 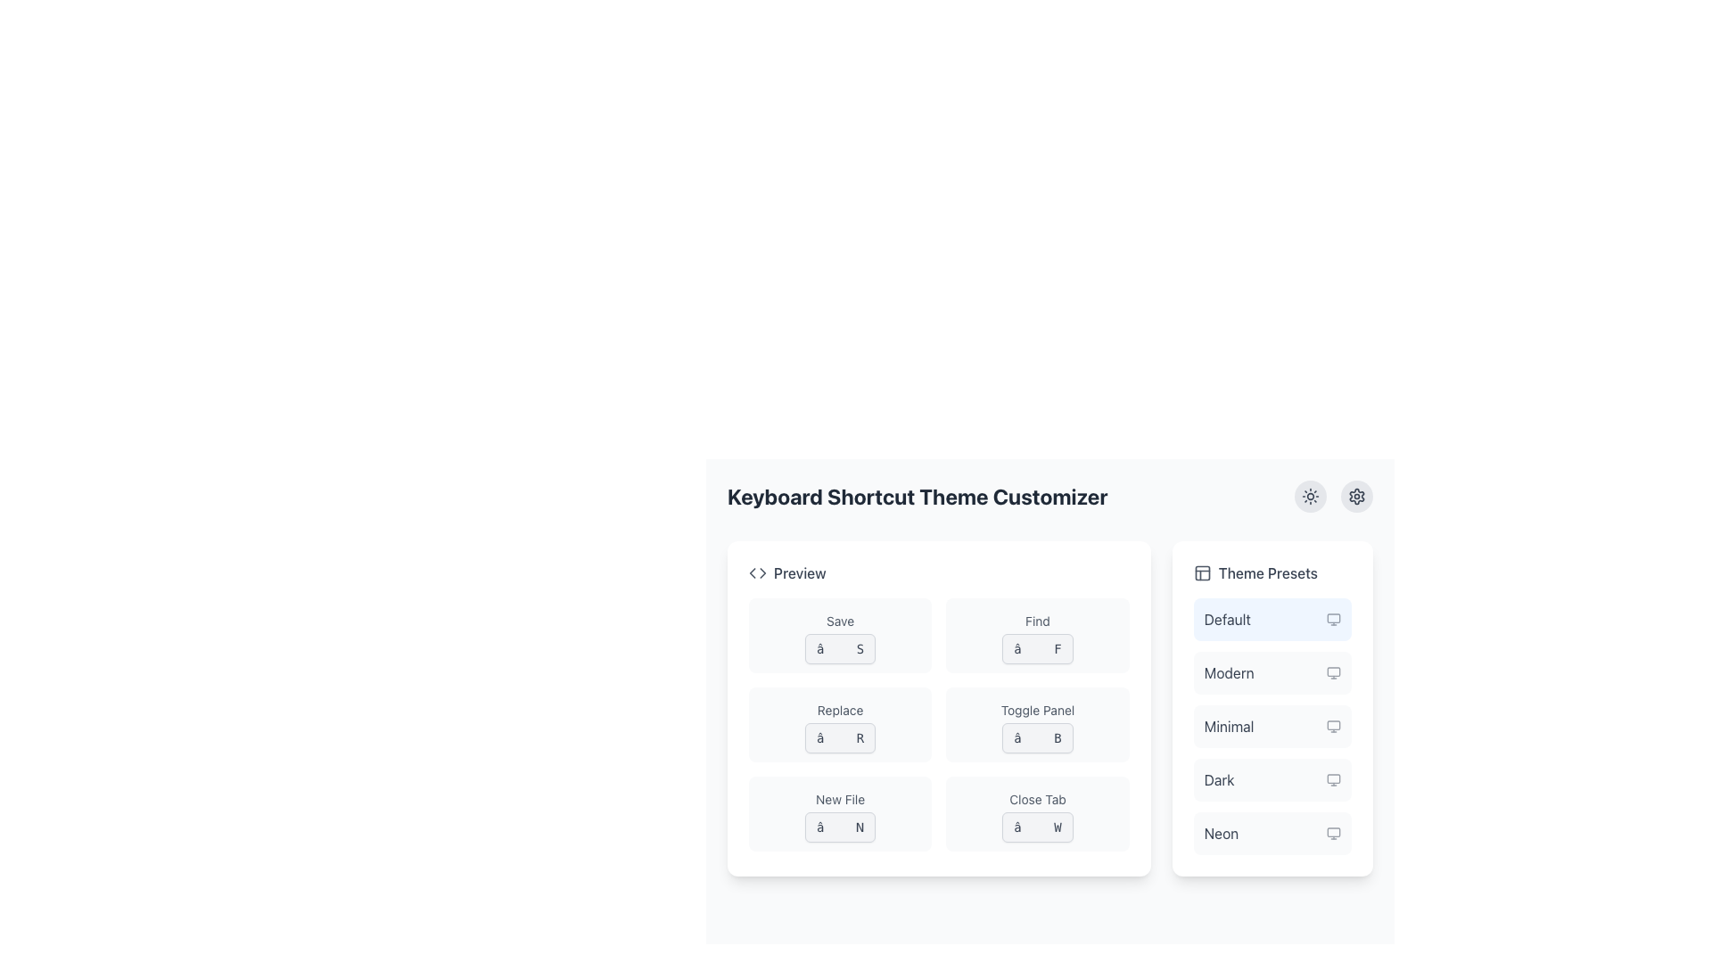 I want to click on the 'Minimal' theme selection option in the 'Theme Presets' section of the right-hand panel to apply the theme, so click(x=1272, y=726).